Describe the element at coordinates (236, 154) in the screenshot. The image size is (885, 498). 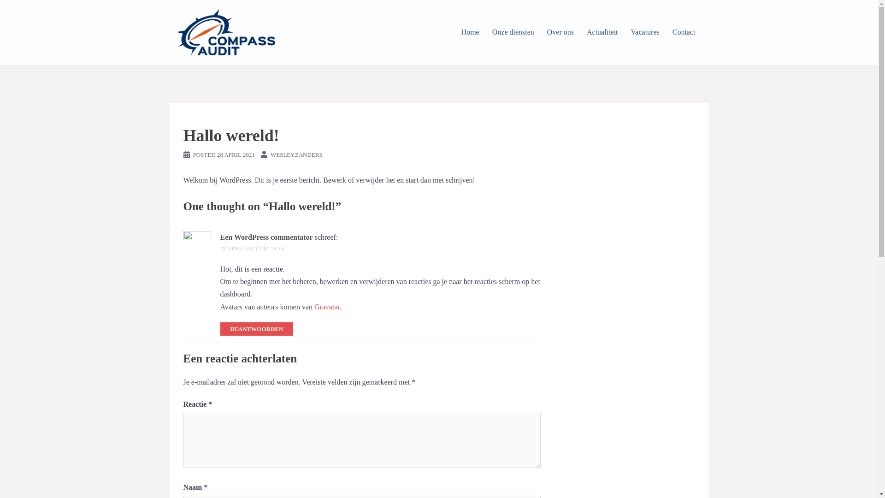
I see `'28 APRIL 2021'` at that location.